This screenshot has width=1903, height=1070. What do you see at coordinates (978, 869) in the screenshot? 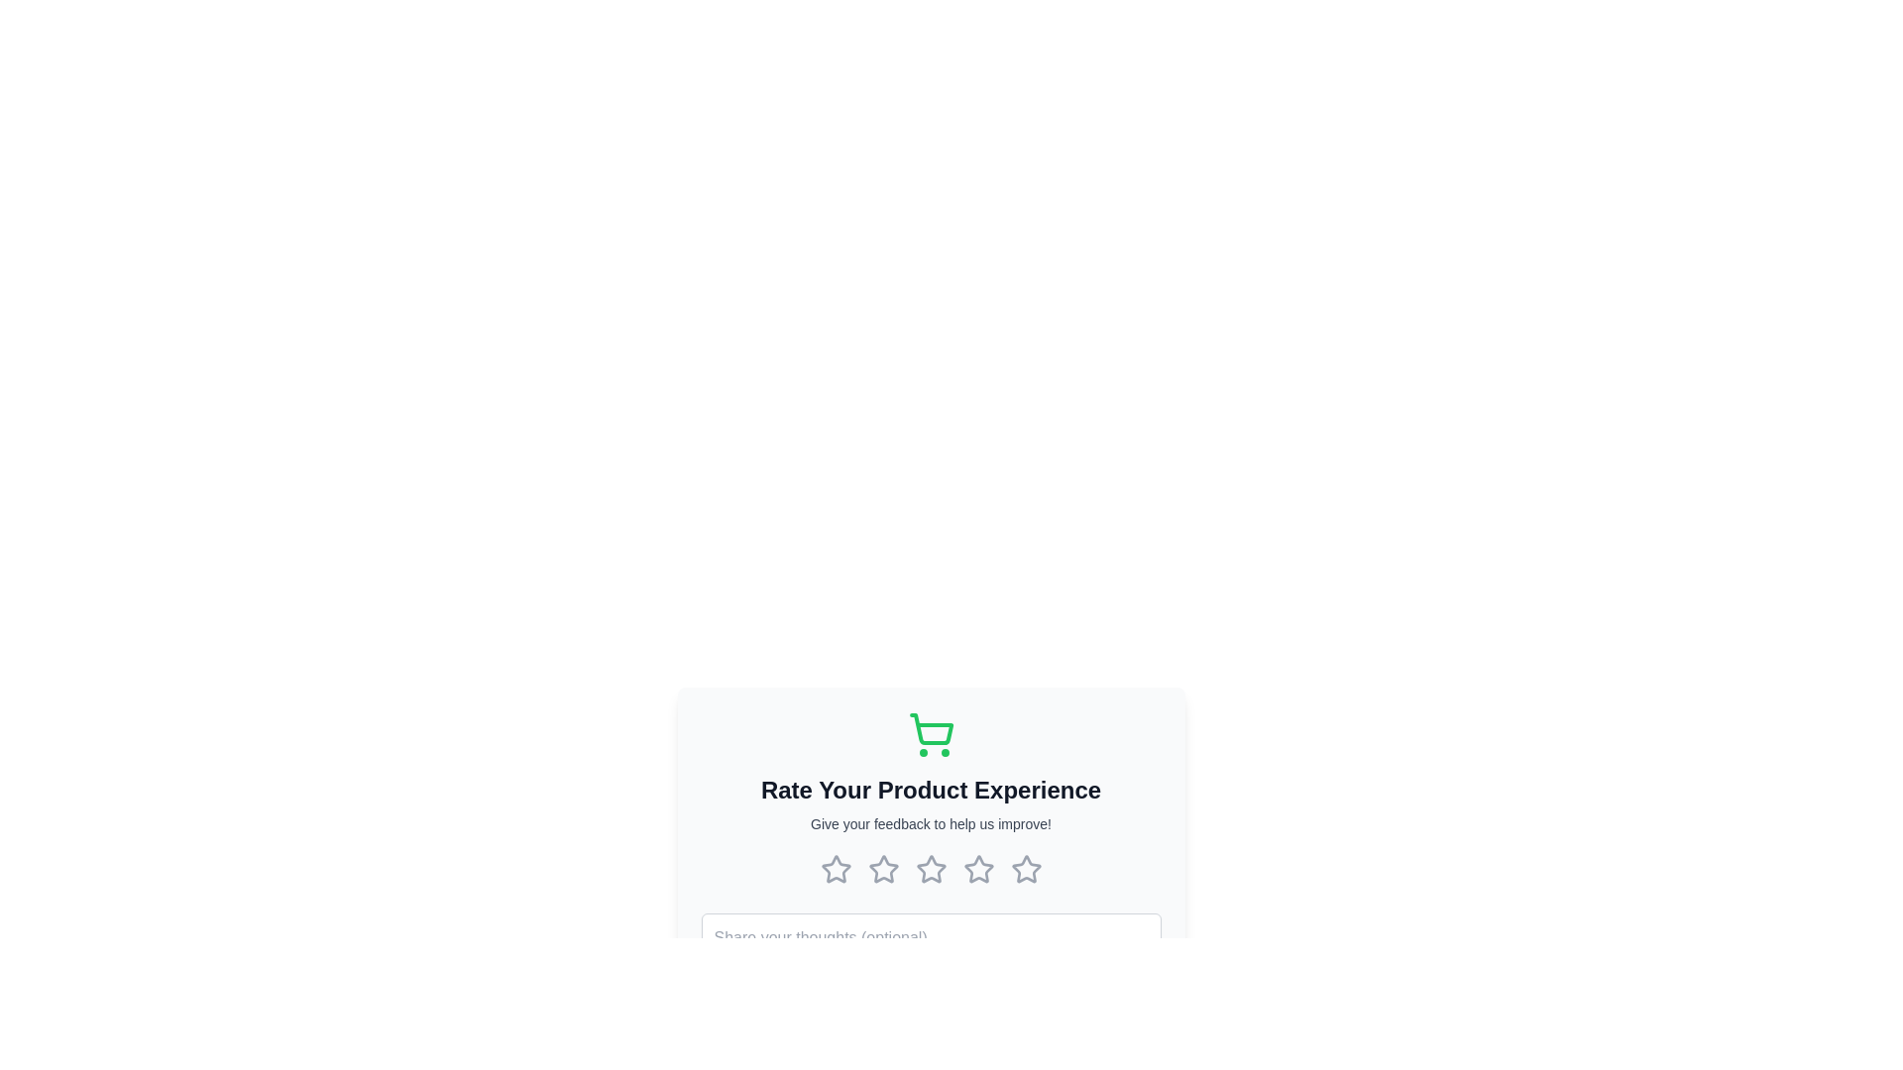
I see `the third interactive star rating icon, which is a star-shaped icon with a line outline and gray color` at bounding box center [978, 869].